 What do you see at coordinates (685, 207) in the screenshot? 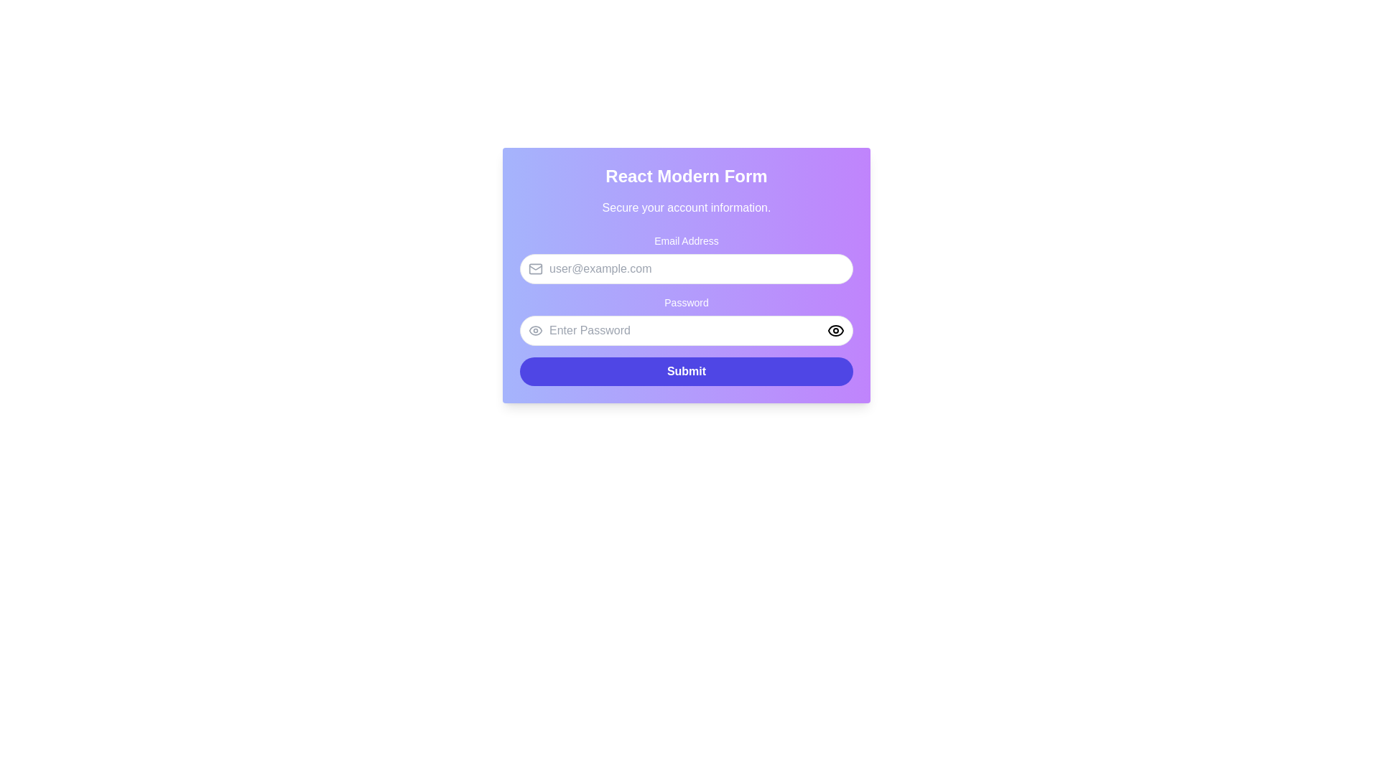
I see `the static text label that reads 'Secure your account information.', which is centrally located between the title 'React Modern Form' and the 'Email Address' section` at bounding box center [685, 207].